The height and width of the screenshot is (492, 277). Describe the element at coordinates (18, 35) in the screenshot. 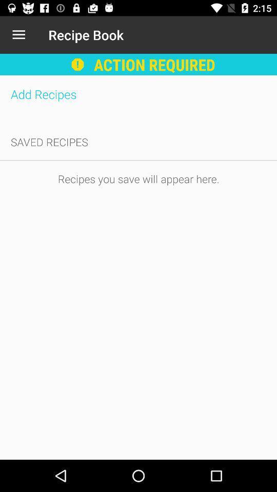

I see `the item next to recipe book icon` at that location.